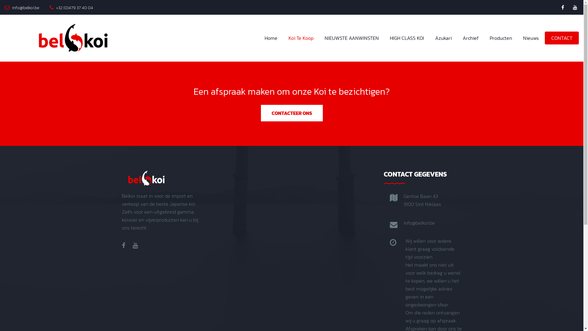 Image resolution: width=588 pixels, height=331 pixels. Describe the element at coordinates (562, 38) in the screenshot. I see `'CONTACT'` at that location.